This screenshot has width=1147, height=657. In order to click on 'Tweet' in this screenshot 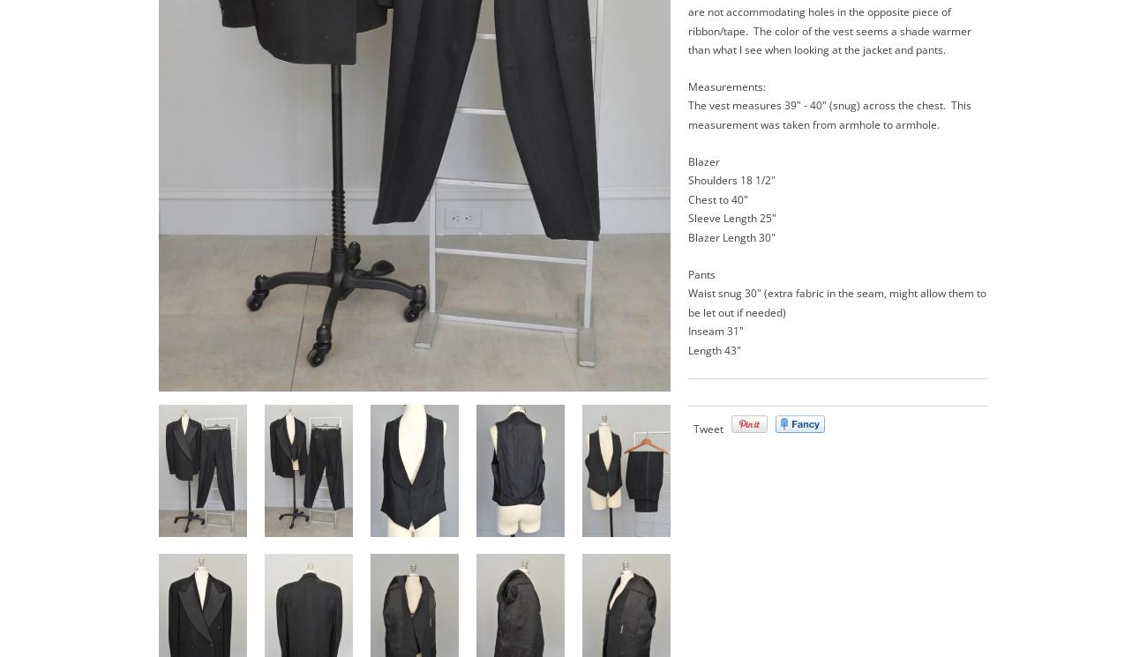, I will do `click(708, 428)`.